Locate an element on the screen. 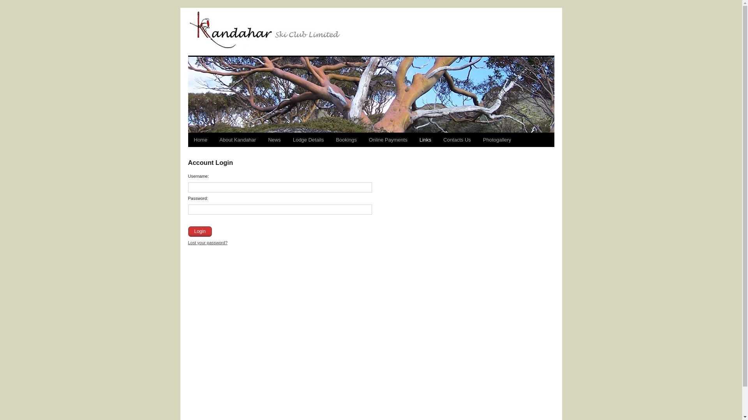 The image size is (748, 420). 'Contacts Us' is located at coordinates (457, 139).